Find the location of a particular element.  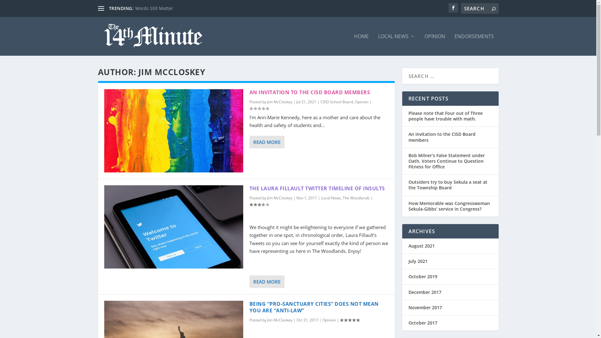

'Rating: 0.00' is located at coordinates (259, 108).